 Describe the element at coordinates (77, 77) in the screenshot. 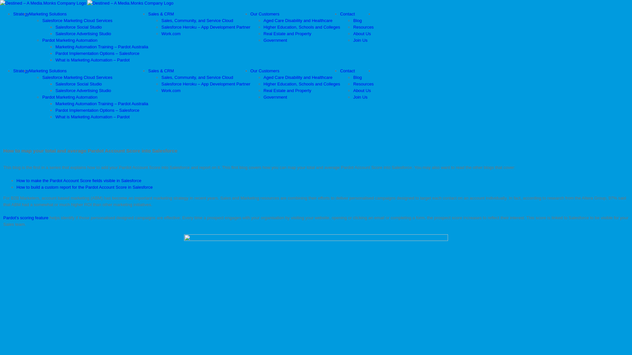

I see `'Salesforce Marketing Cloud Services'` at that location.